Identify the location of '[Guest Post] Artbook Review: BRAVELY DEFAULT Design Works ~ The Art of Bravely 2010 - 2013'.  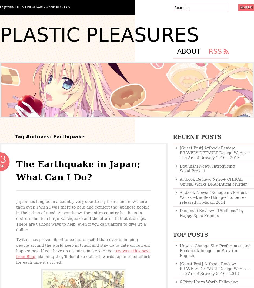
(215, 269).